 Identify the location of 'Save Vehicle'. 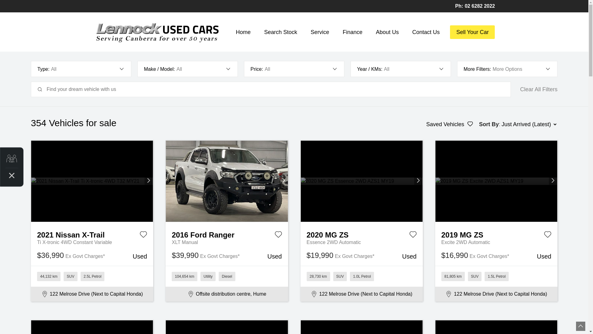
(143, 236).